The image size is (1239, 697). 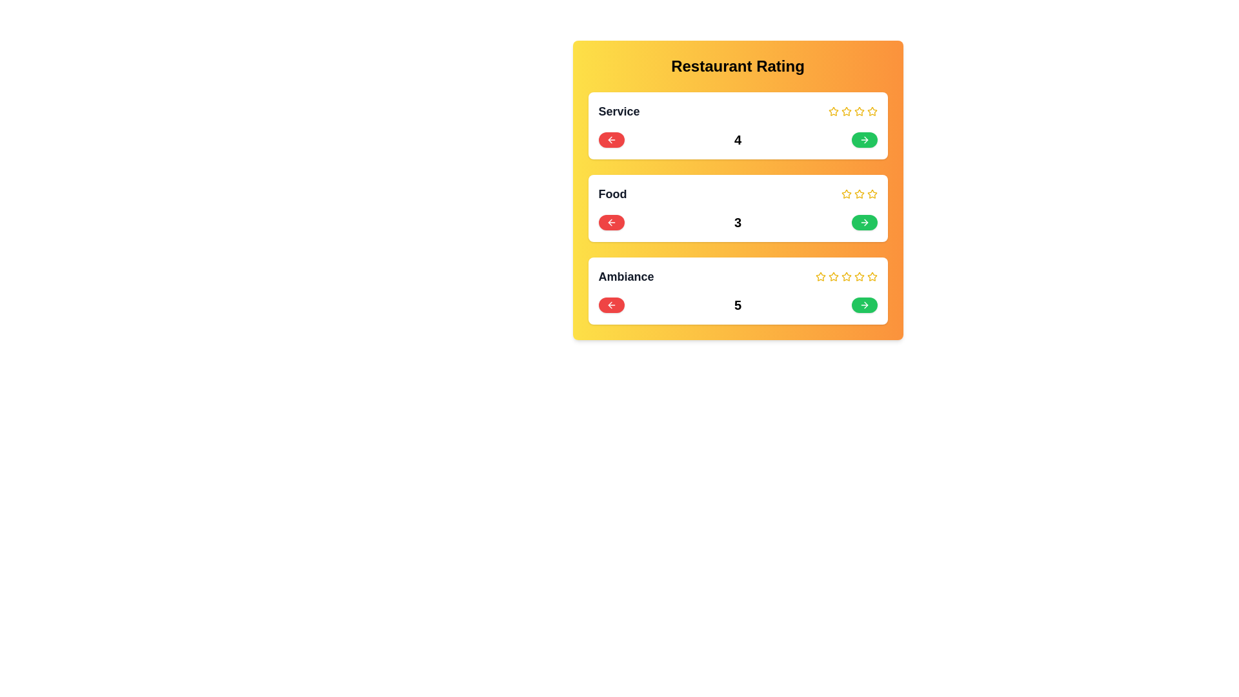 I want to click on the static text element displaying the selected rating value for the 'Service' category, located centrally between the left-pointing red circular button and the right-pointing green circular button, so click(x=738, y=139).